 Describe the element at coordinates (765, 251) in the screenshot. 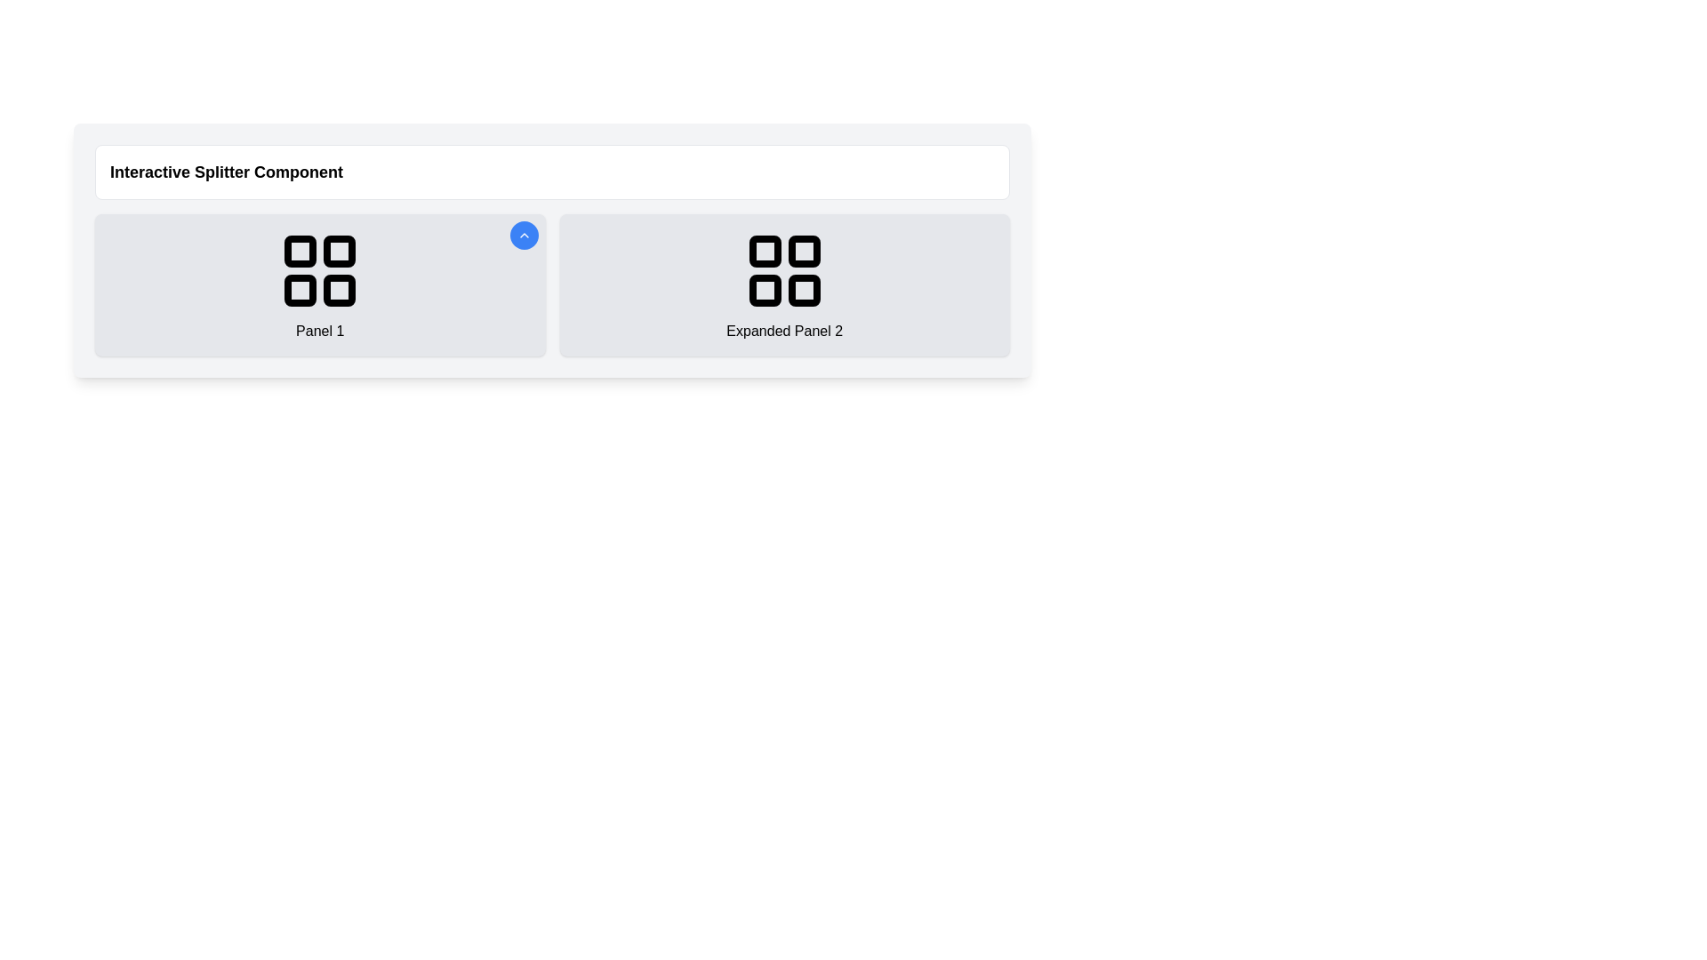

I see `the small square with rounded corners located in the top-left of a 2x2 grid within the 'Expanded Panel 2' region` at that location.